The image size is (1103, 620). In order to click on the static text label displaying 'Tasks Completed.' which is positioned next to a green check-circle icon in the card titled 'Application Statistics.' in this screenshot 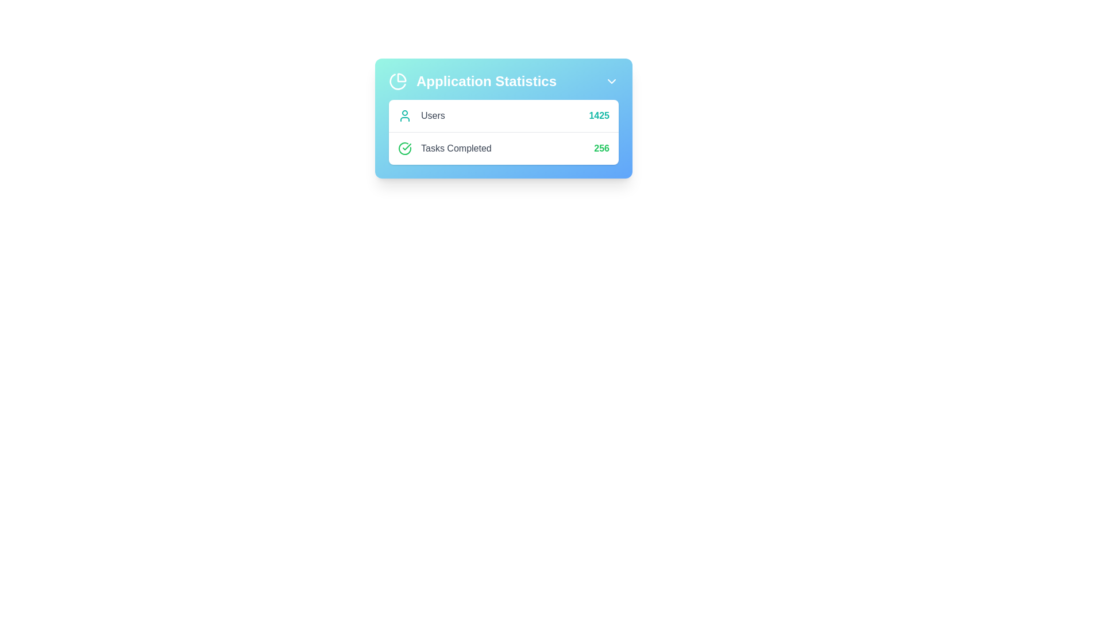, I will do `click(456, 148)`.